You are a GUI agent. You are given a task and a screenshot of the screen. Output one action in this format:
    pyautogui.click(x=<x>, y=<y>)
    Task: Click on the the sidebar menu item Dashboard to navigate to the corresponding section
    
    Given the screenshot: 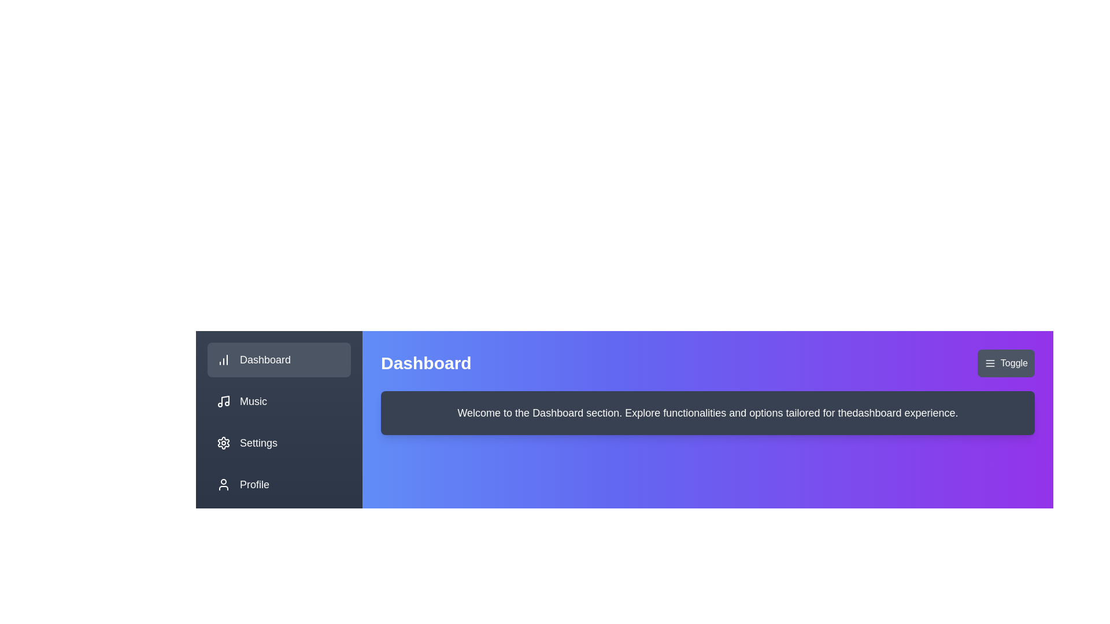 What is the action you would take?
    pyautogui.click(x=279, y=359)
    